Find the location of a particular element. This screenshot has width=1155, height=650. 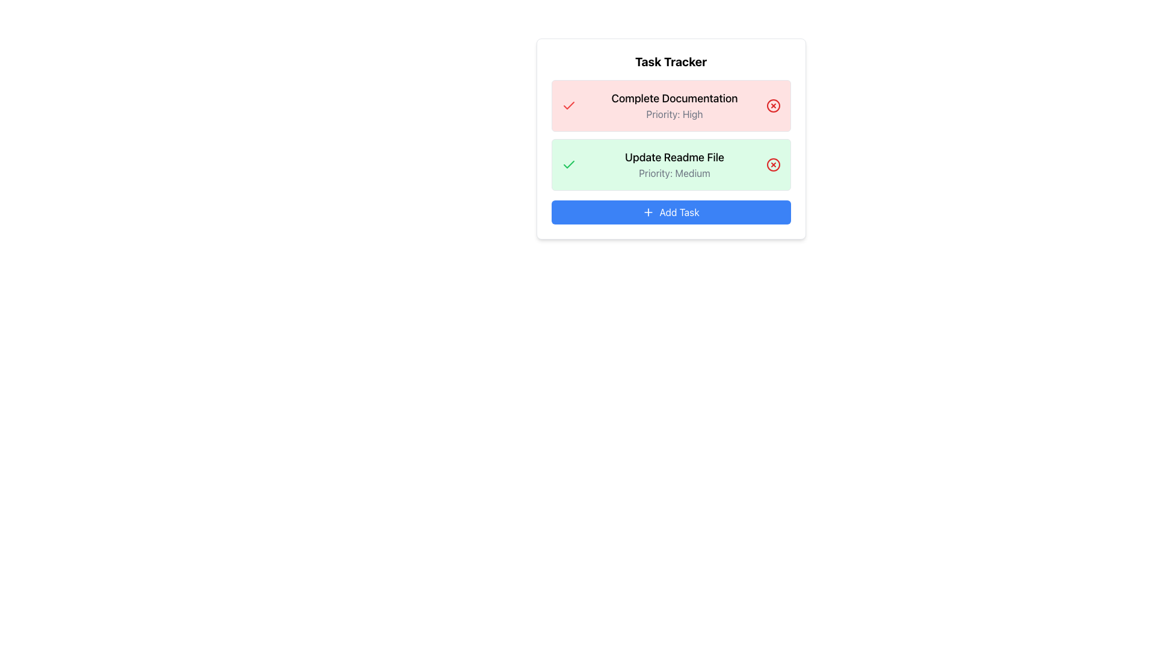

the red circular button with a cross symbol, located to the right of the 'Update Readme File' task entry is located at coordinates (773, 164).